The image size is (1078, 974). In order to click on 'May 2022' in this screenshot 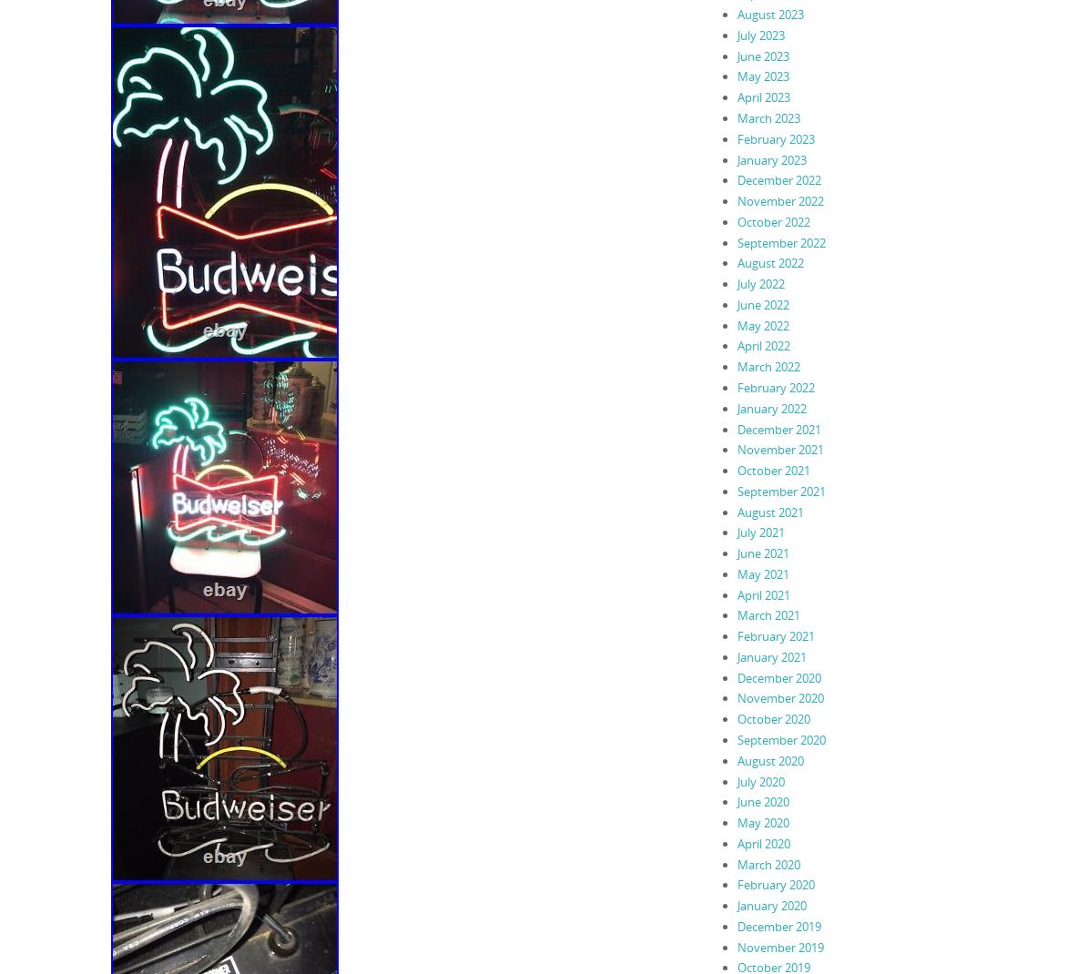, I will do `click(762, 324)`.